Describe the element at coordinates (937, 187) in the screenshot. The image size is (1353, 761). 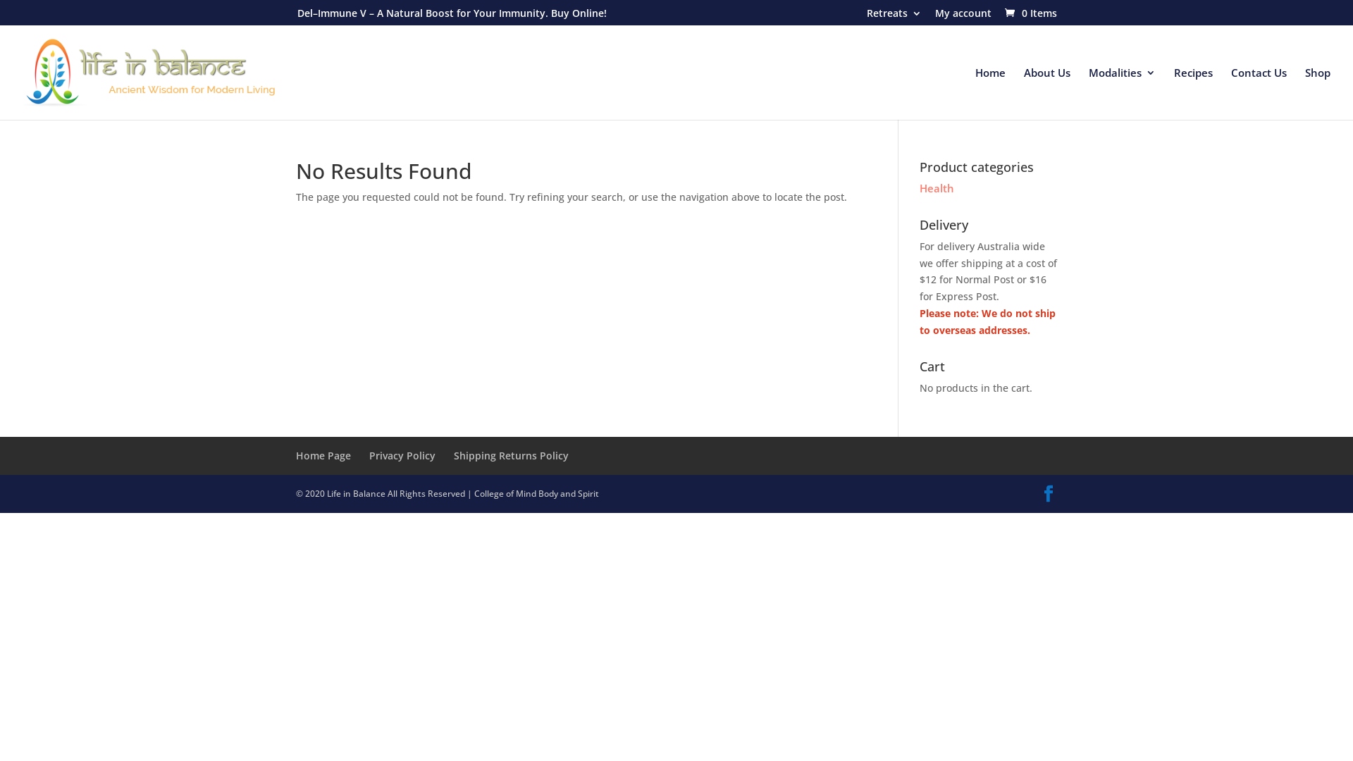
I see `'Health'` at that location.